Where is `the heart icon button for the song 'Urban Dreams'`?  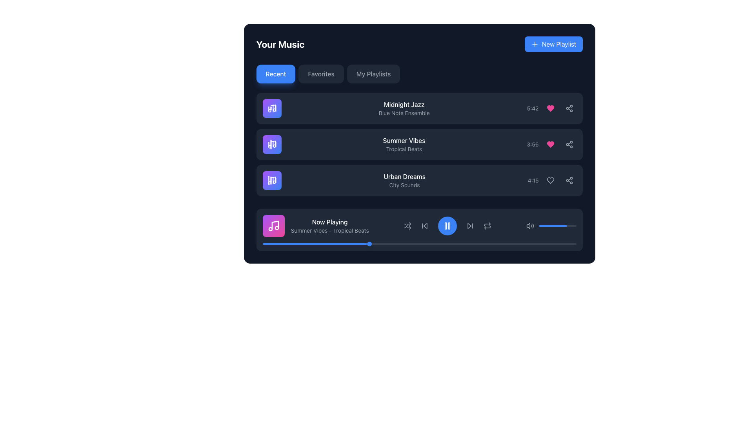
the heart icon button for the song 'Urban Dreams' is located at coordinates (550, 181).